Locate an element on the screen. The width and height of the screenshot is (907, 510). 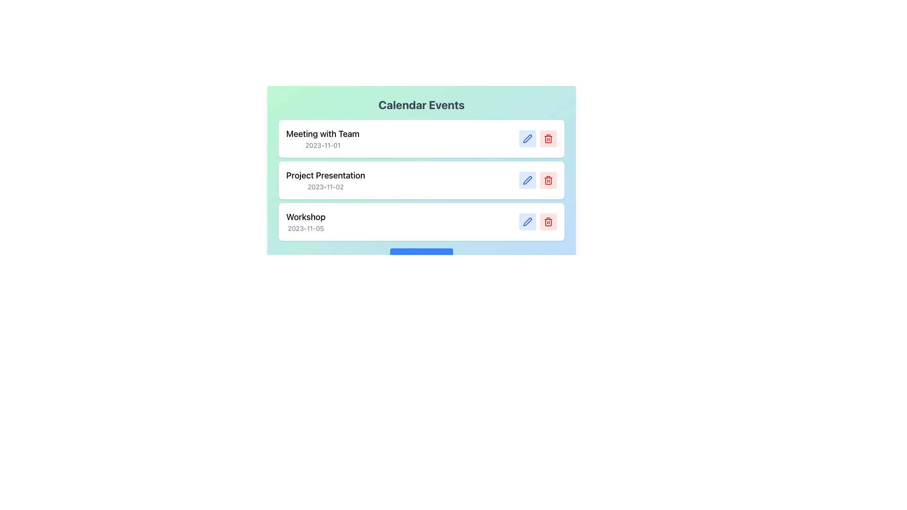
the Composite button group associated with the 'Project Presentation' entry is located at coordinates (538, 180).